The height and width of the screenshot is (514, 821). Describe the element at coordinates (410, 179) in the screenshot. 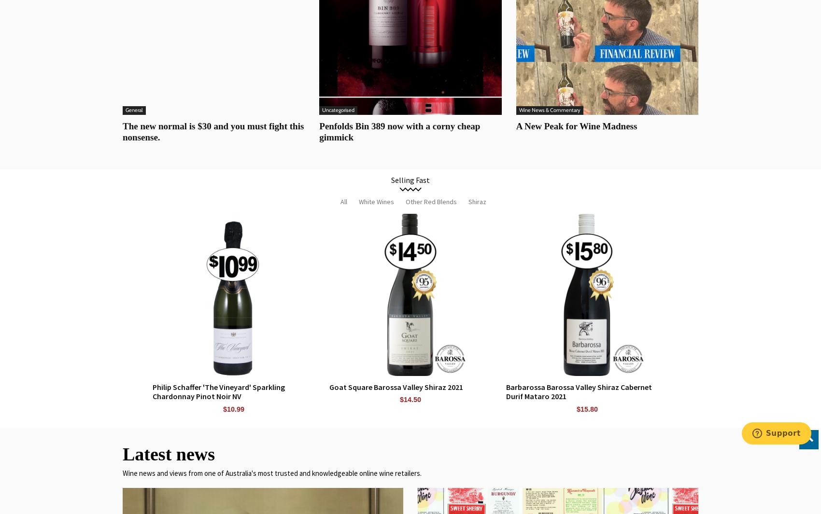

I see `'Selling Fast'` at that location.